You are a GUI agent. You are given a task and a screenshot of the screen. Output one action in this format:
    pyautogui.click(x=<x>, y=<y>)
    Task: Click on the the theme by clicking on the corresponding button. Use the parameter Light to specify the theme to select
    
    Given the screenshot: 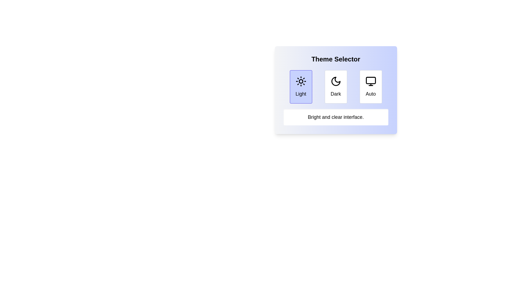 What is the action you would take?
    pyautogui.click(x=300, y=86)
    